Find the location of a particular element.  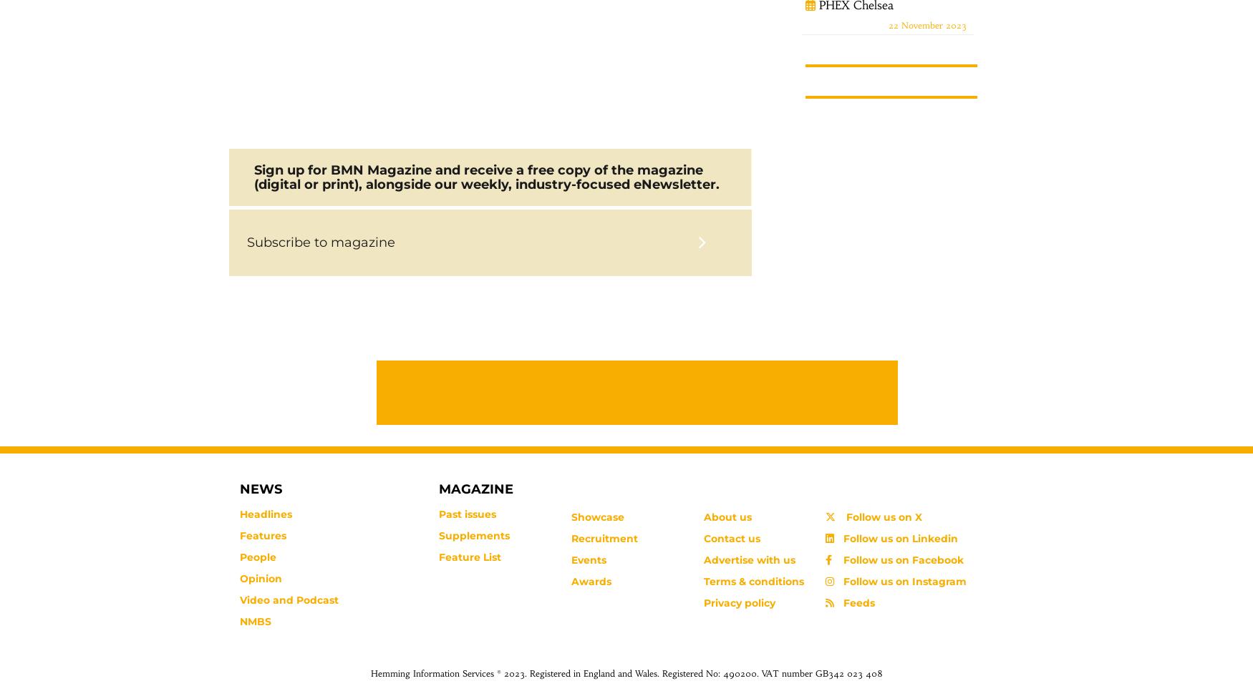

'Terms & conditions' is located at coordinates (752, 581).